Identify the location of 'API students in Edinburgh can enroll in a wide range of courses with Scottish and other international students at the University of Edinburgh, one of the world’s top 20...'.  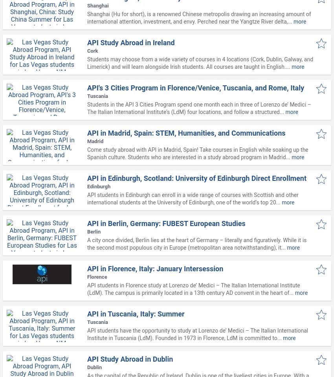
(193, 199).